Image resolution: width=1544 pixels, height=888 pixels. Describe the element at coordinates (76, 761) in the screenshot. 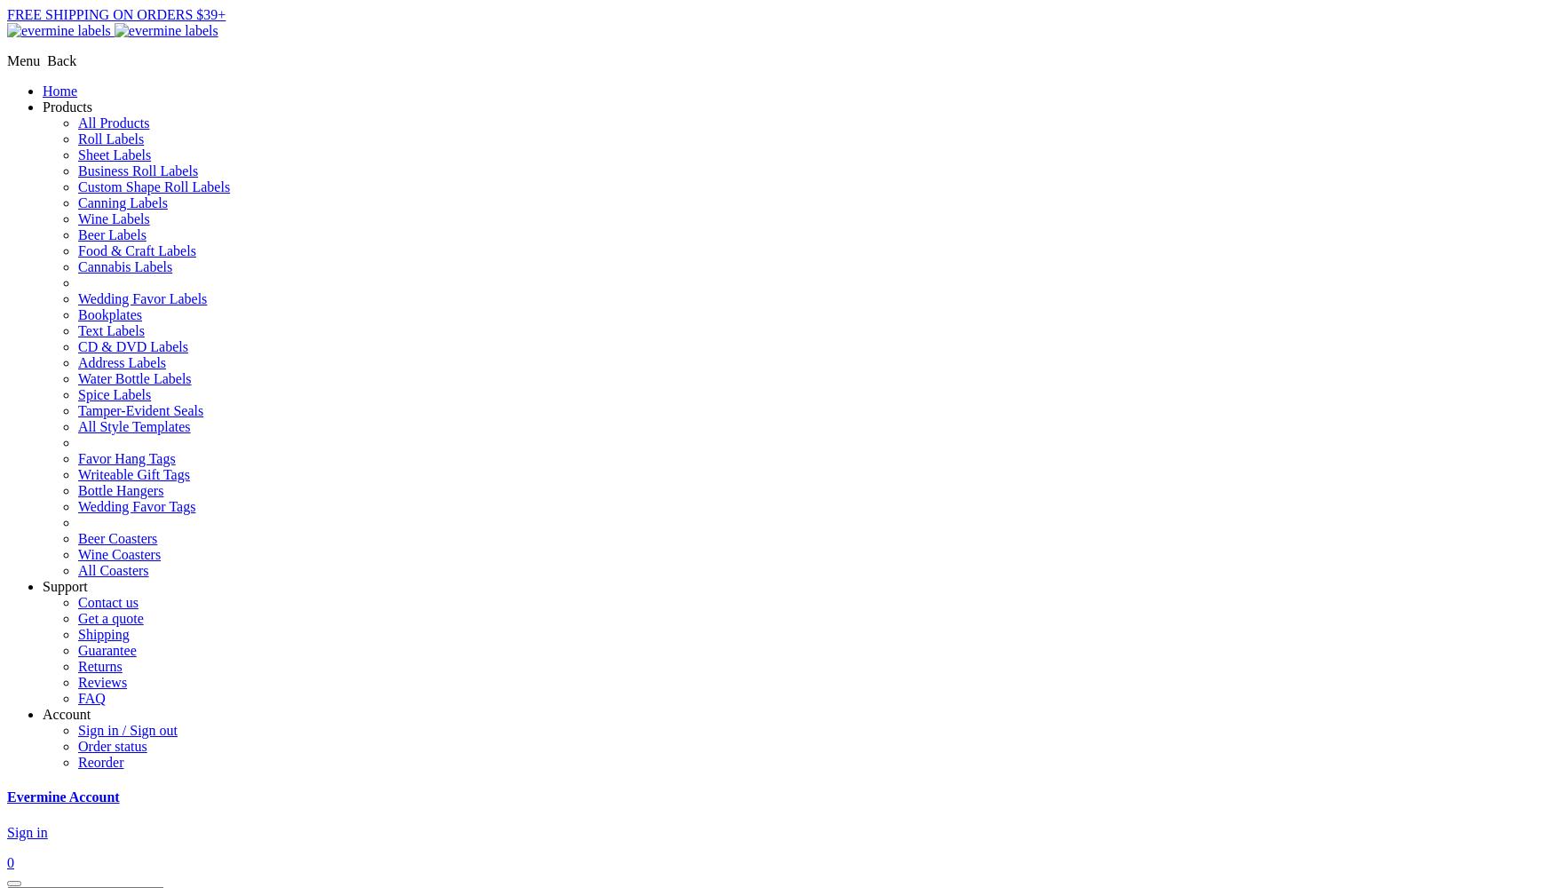

I see `'Reorder'` at that location.